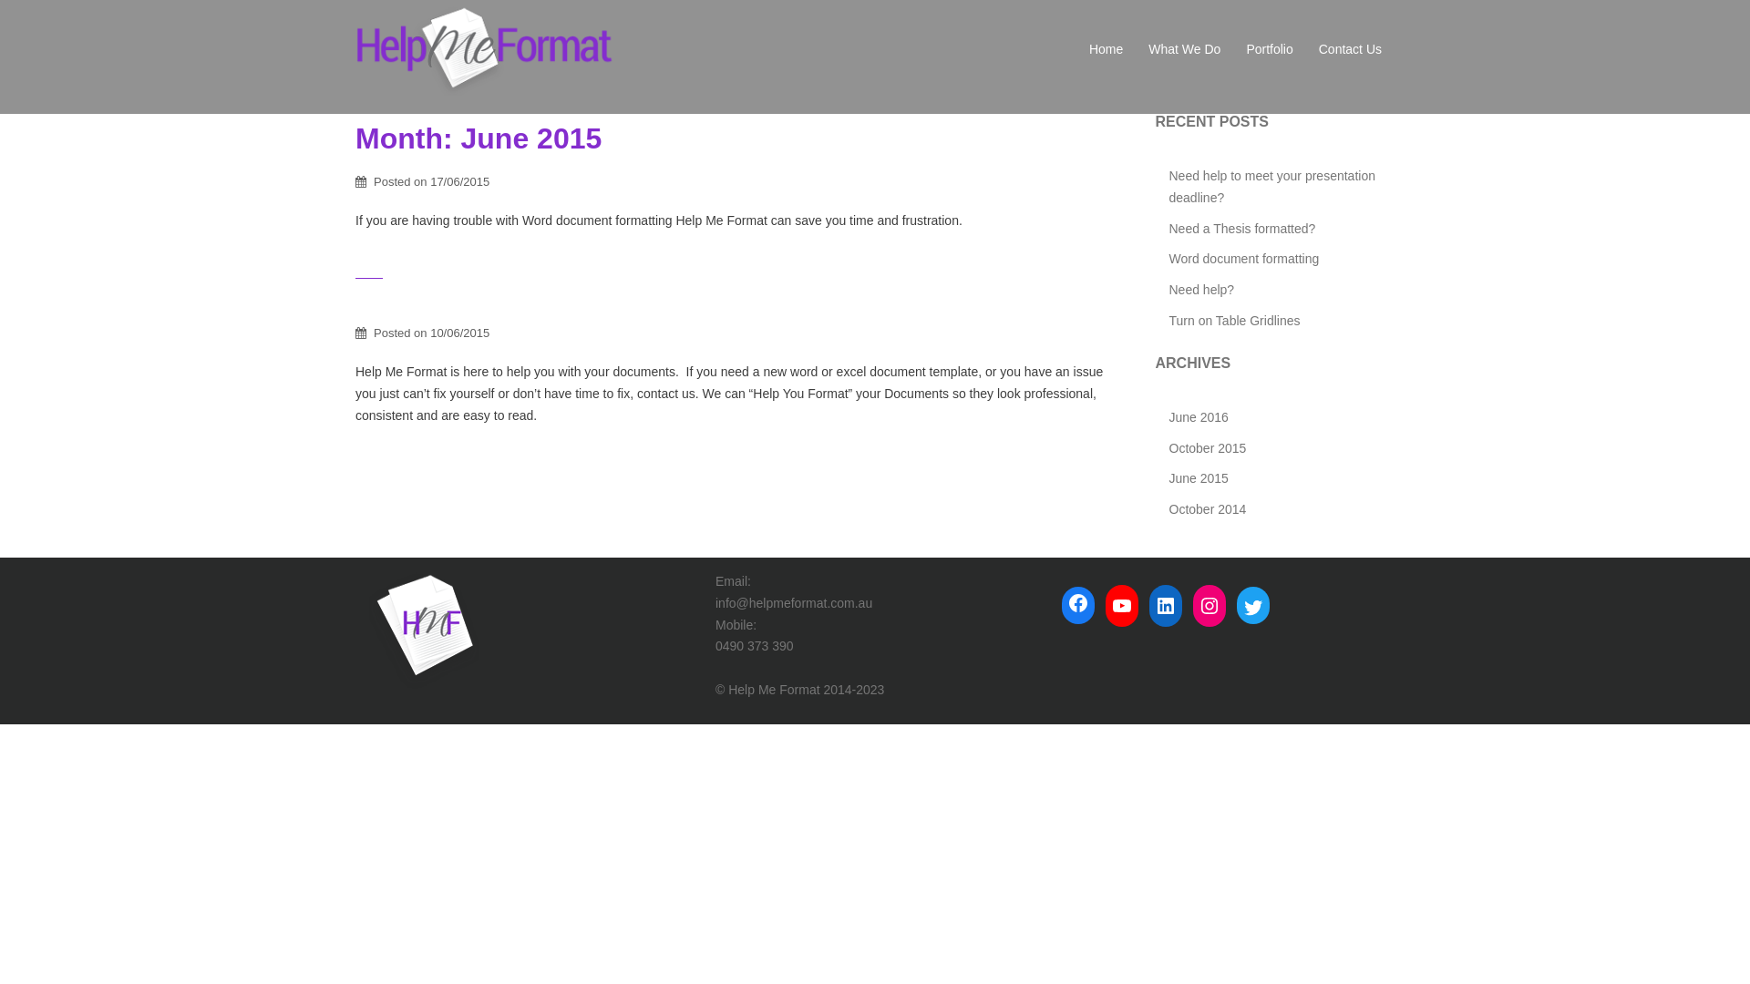 The width and height of the screenshot is (1750, 984). Describe the element at coordinates (1207, 509) in the screenshot. I see `'October 2014'` at that location.